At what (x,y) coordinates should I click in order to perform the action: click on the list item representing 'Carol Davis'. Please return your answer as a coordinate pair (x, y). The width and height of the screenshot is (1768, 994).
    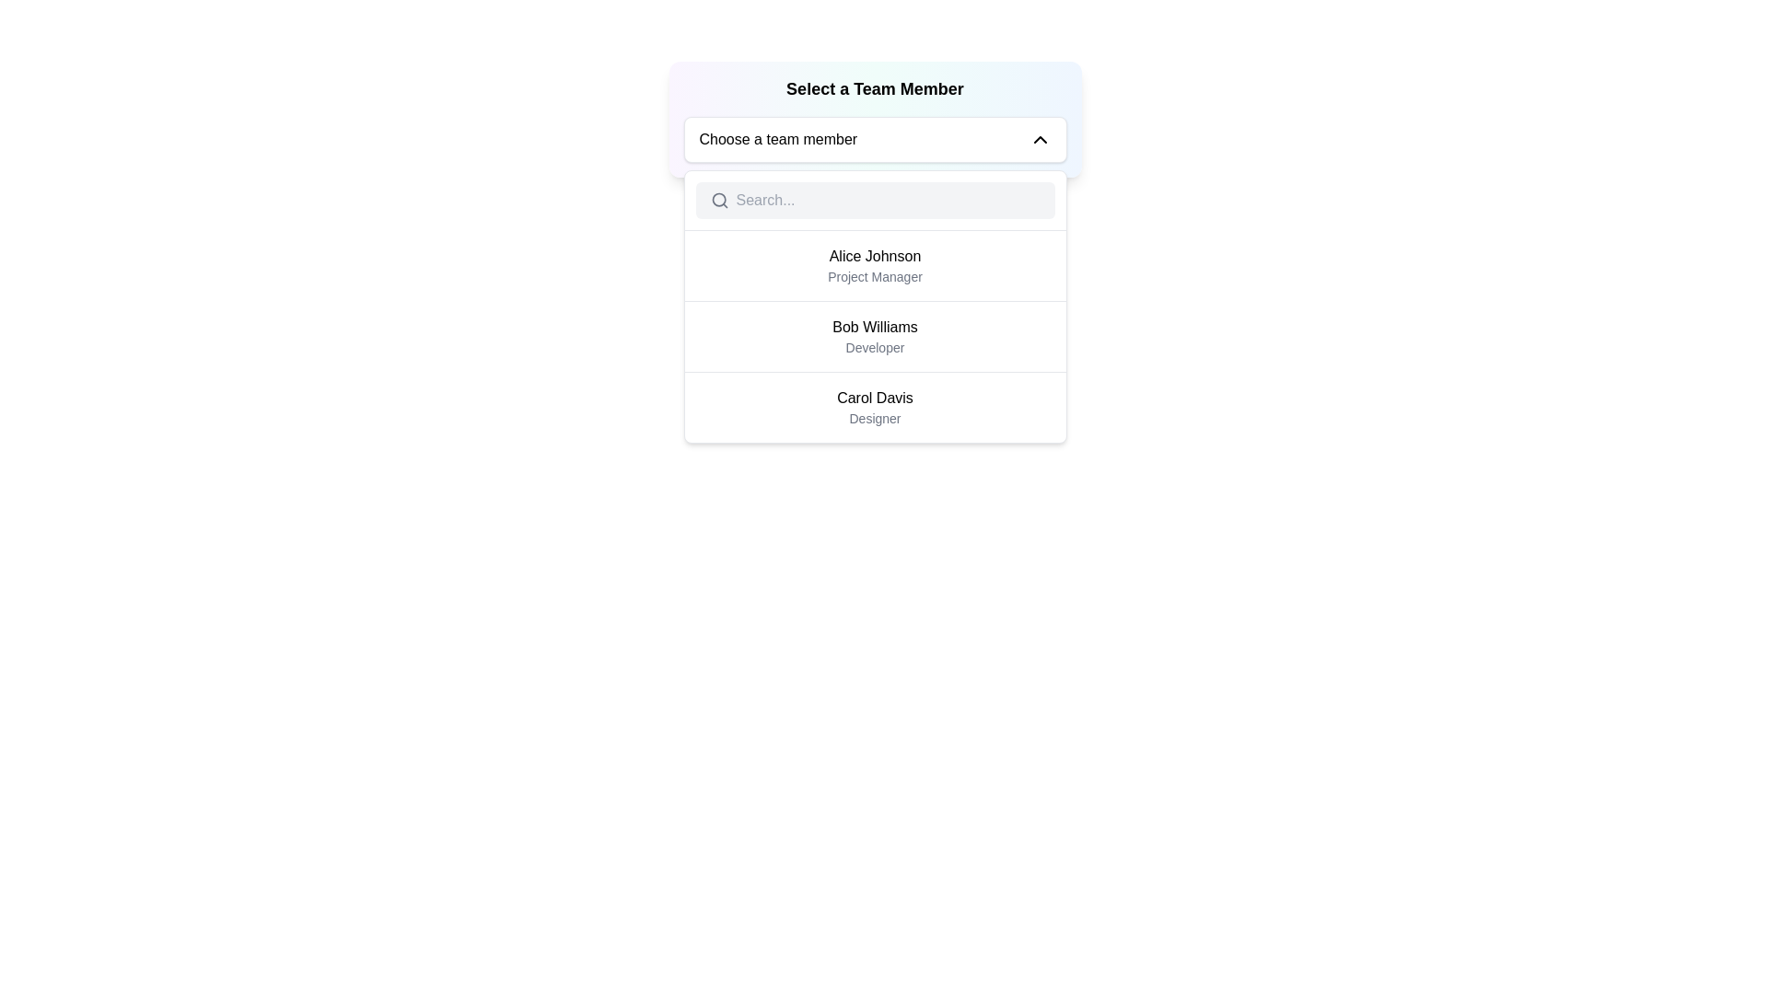
    Looking at the image, I should click on (874, 406).